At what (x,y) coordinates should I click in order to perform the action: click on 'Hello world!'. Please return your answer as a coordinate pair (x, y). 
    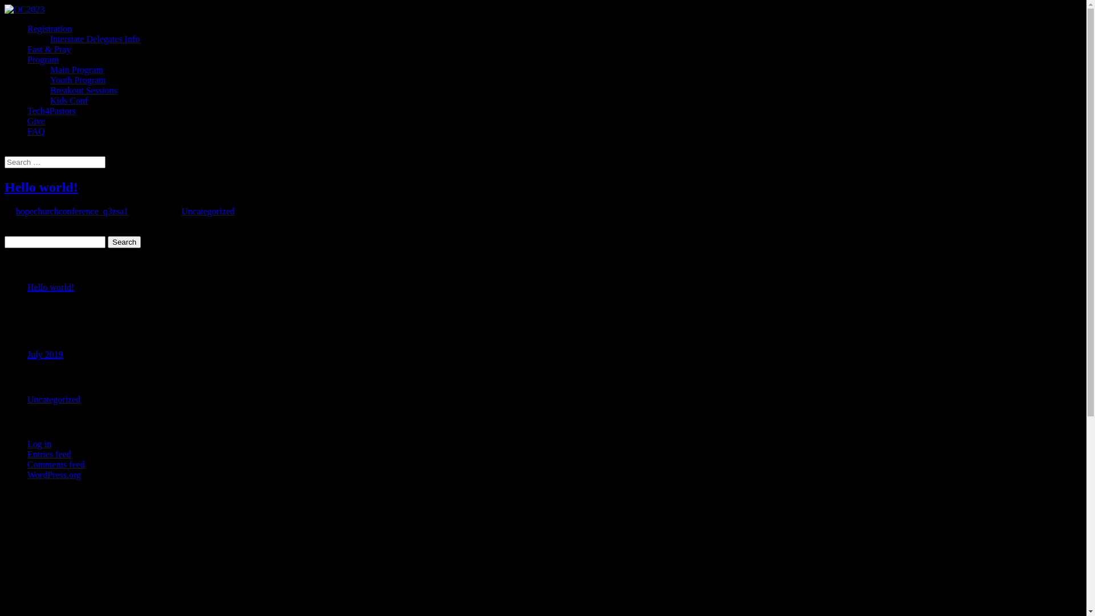
    Looking at the image, I should click on (50, 286).